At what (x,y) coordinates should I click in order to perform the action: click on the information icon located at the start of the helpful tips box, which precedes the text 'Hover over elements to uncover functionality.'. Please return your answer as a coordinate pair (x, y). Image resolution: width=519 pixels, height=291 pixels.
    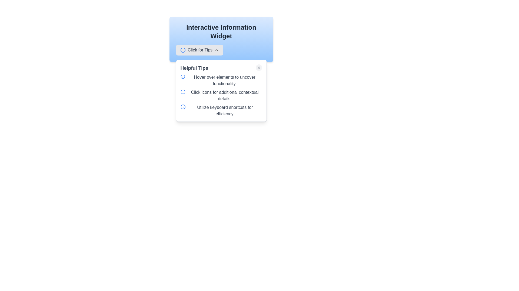
    Looking at the image, I should click on (183, 77).